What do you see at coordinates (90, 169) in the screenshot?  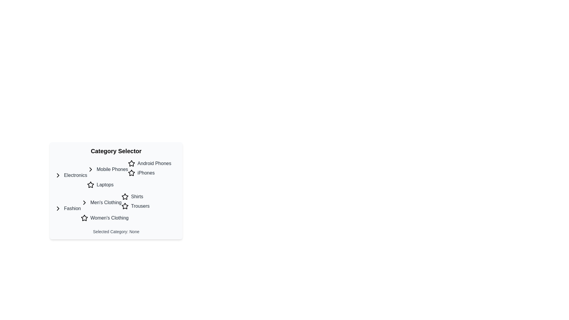 I see `the right-pointing chevron icon adjacent to the 'Mobile Phones' text in the 'Electronics' category selector interface` at bounding box center [90, 169].